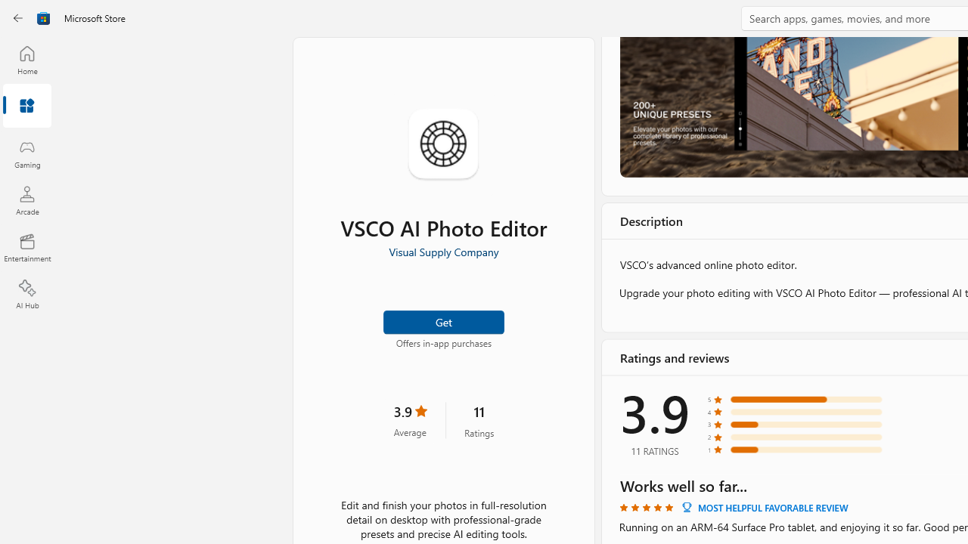 This screenshot has width=968, height=544. Describe the element at coordinates (410, 420) in the screenshot. I see `'3.9 stars. Click to skip to ratings and reviews'` at that location.